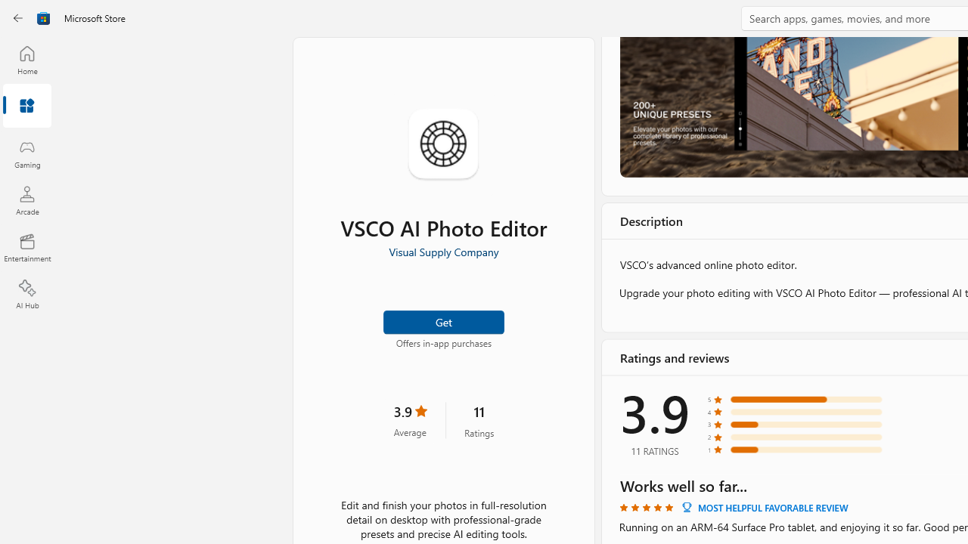 This screenshot has width=968, height=544. Describe the element at coordinates (410, 420) in the screenshot. I see `'3.9 stars. Click to skip to ratings and reviews'` at that location.